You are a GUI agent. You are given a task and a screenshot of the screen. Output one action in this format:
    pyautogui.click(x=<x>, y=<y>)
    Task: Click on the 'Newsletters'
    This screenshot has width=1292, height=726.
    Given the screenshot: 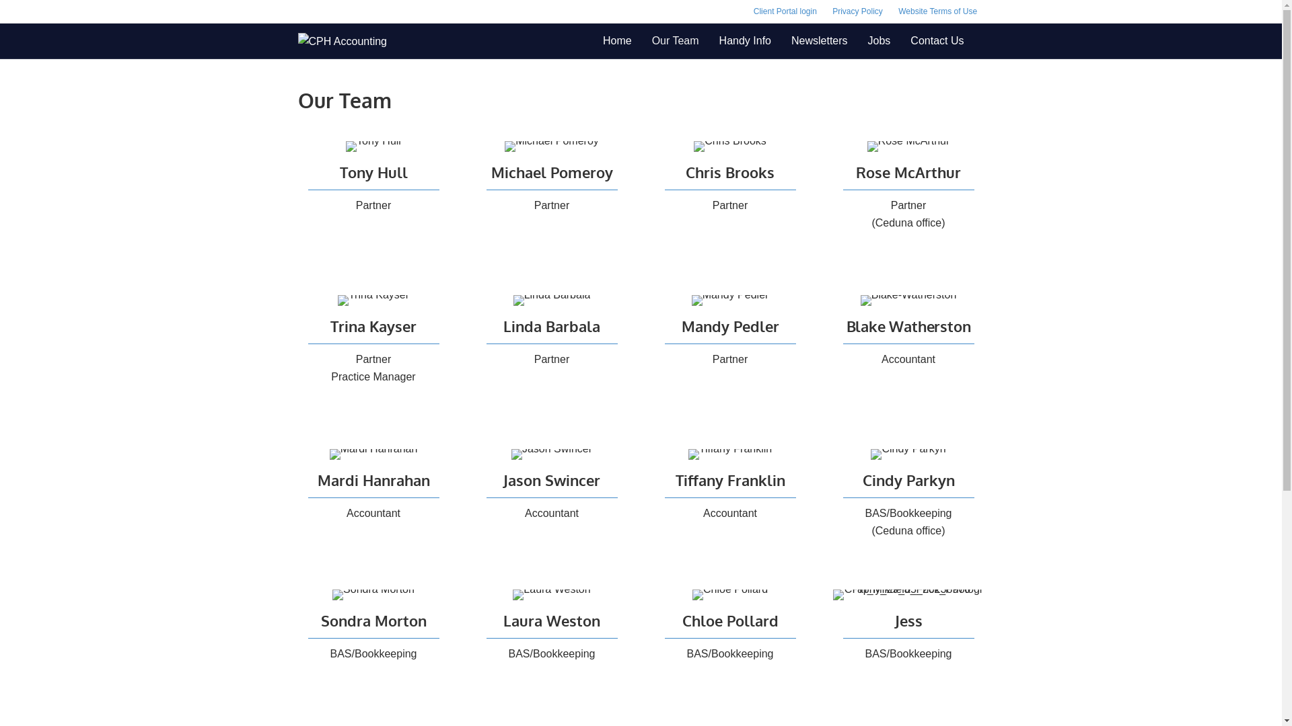 What is the action you would take?
    pyautogui.click(x=819, y=40)
    